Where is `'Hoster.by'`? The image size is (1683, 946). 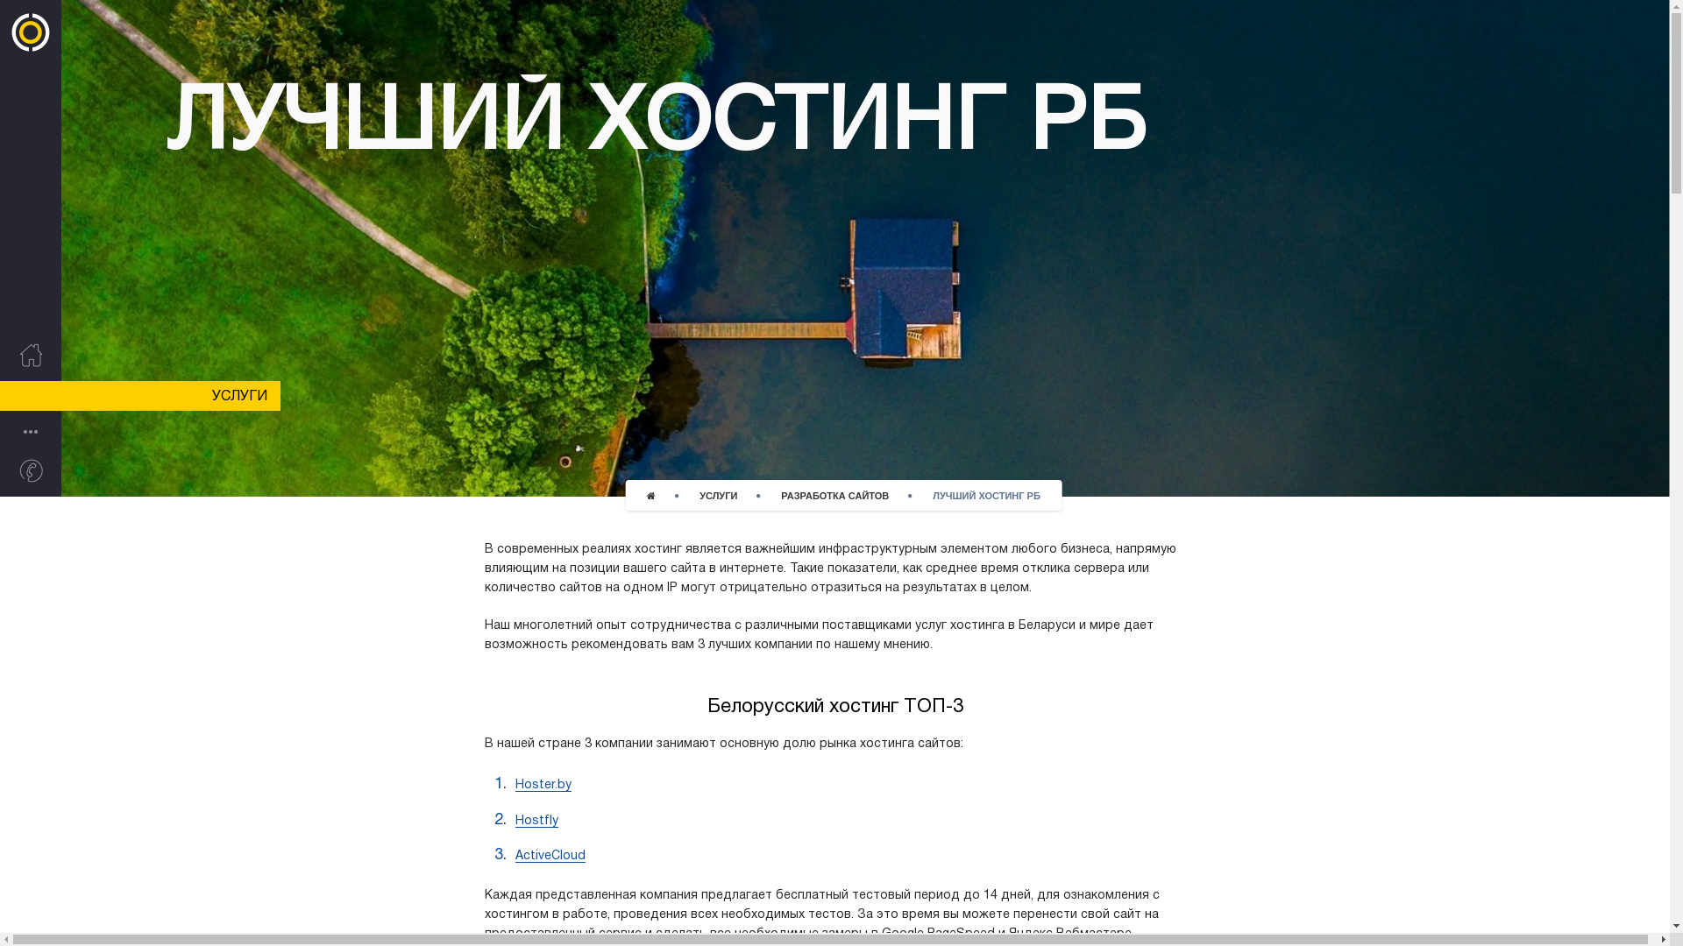
'Hoster.by' is located at coordinates (542, 785).